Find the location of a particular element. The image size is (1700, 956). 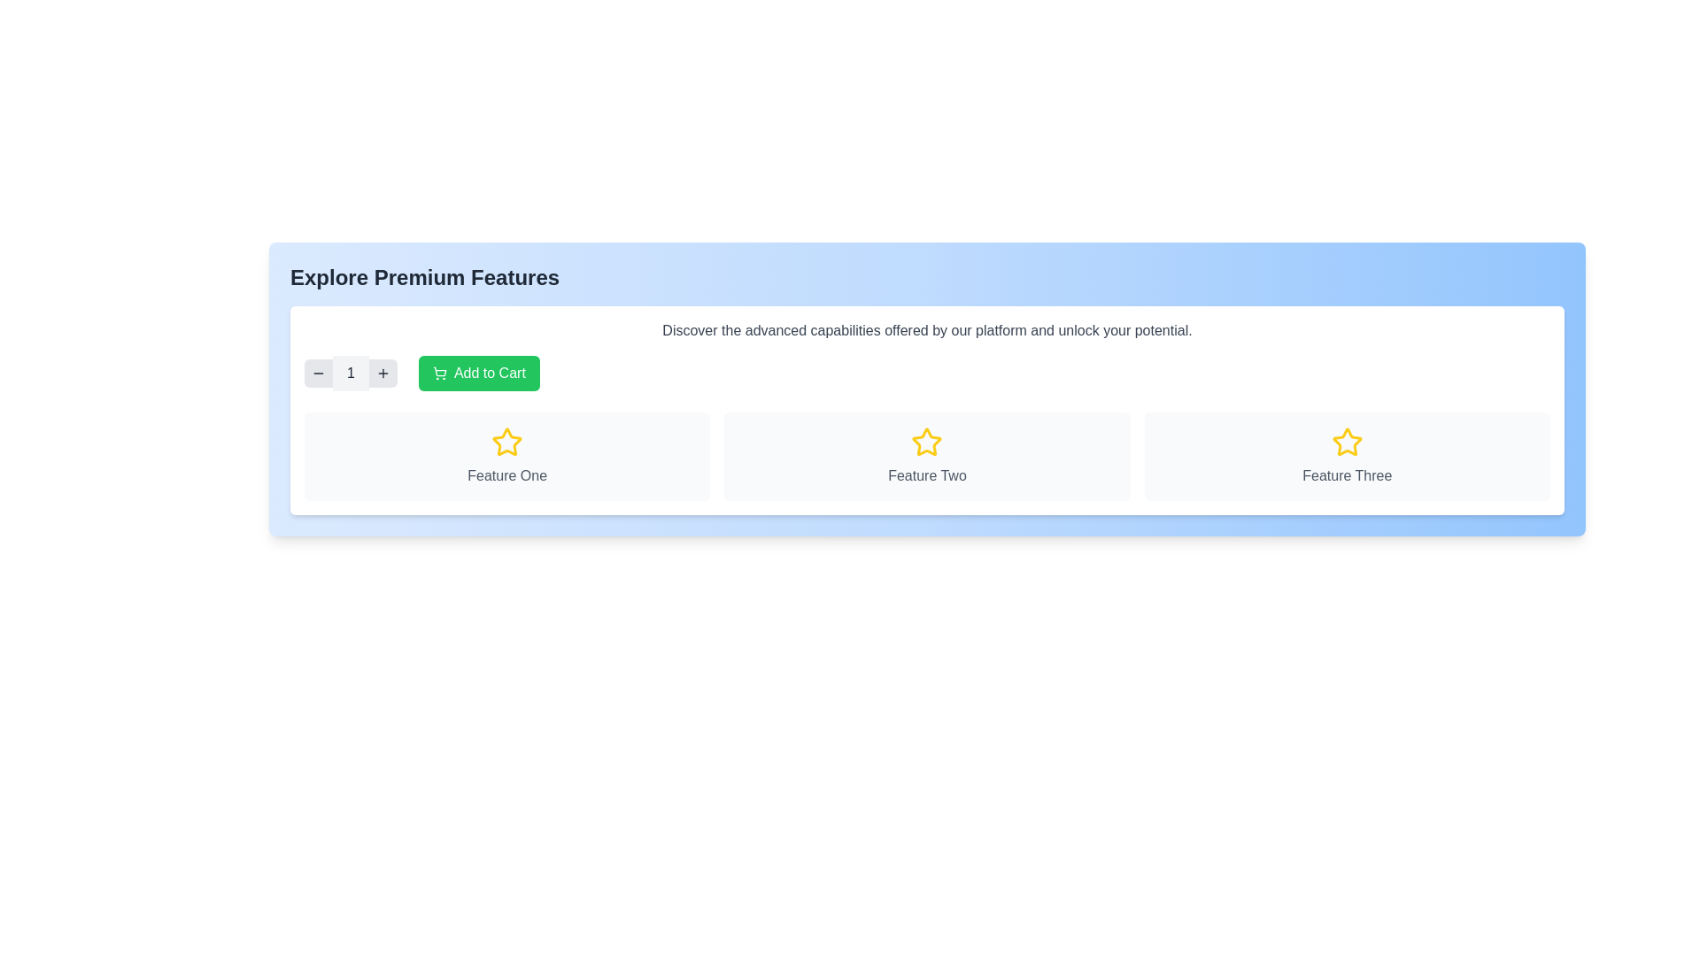

the Informative card displaying 'Feature One', which is a rectangular card with rounded corners and a yellow star icon at the top is located at coordinates (506, 456).